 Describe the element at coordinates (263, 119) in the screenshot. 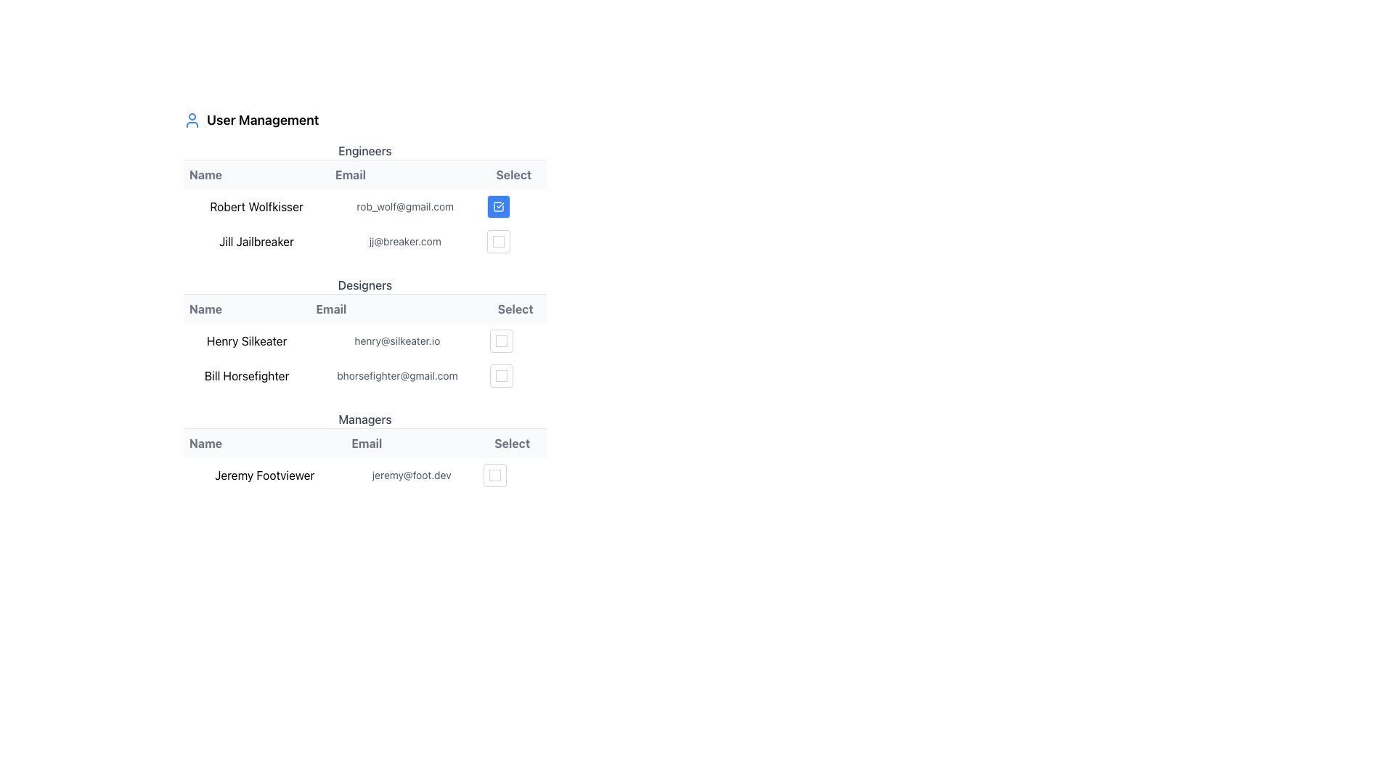

I see `text label displaying 'User Management' located to the right of the user icon in bold font style` at that location.